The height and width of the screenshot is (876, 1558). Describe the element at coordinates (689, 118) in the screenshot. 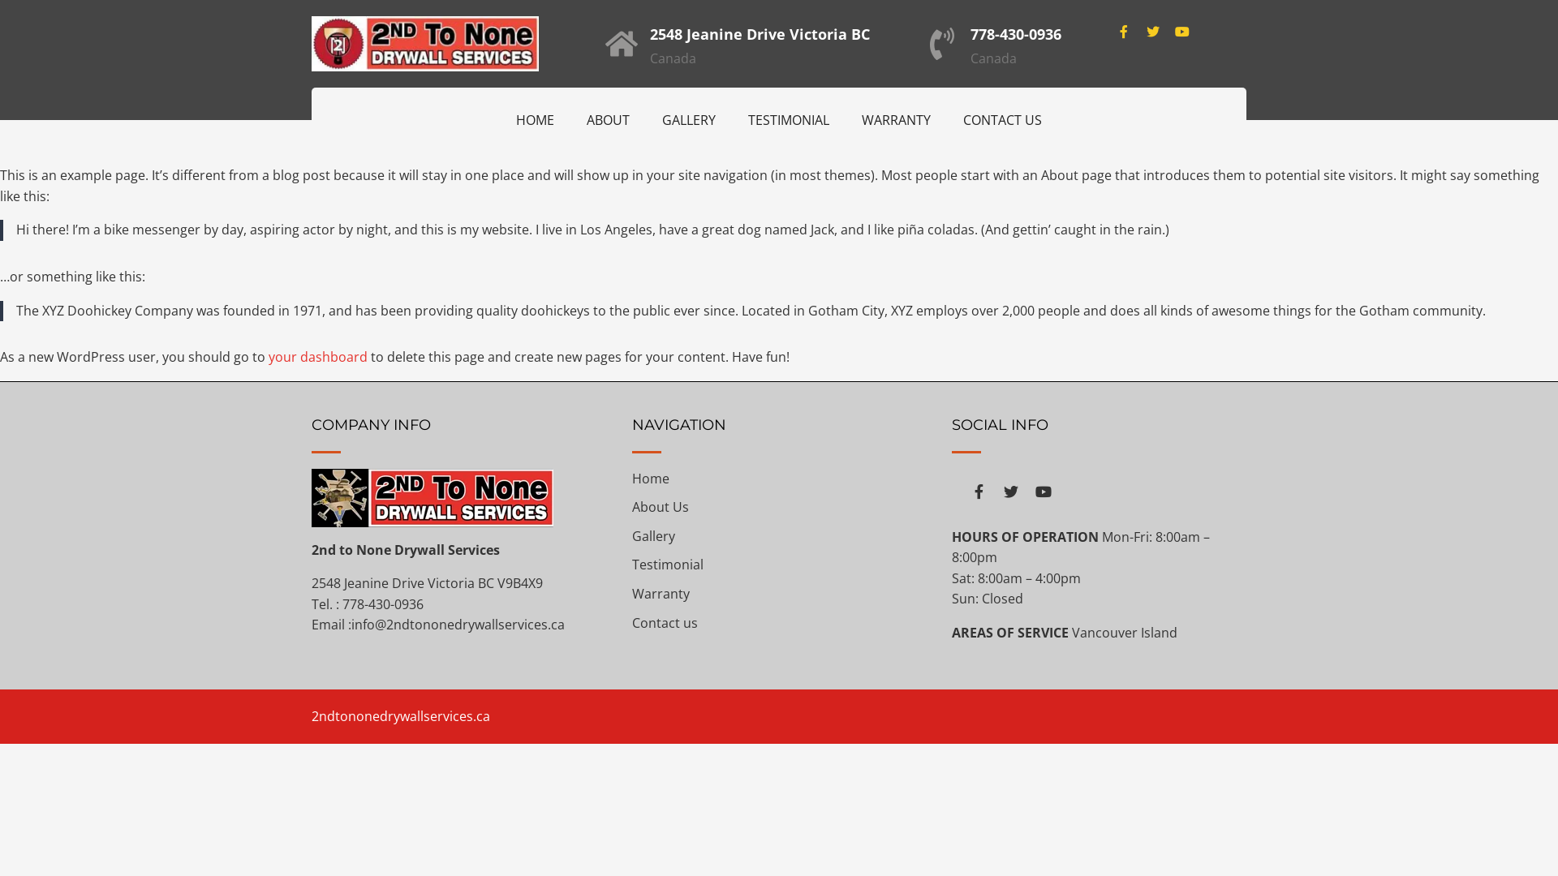

I see `'GALLERY'` at that location.